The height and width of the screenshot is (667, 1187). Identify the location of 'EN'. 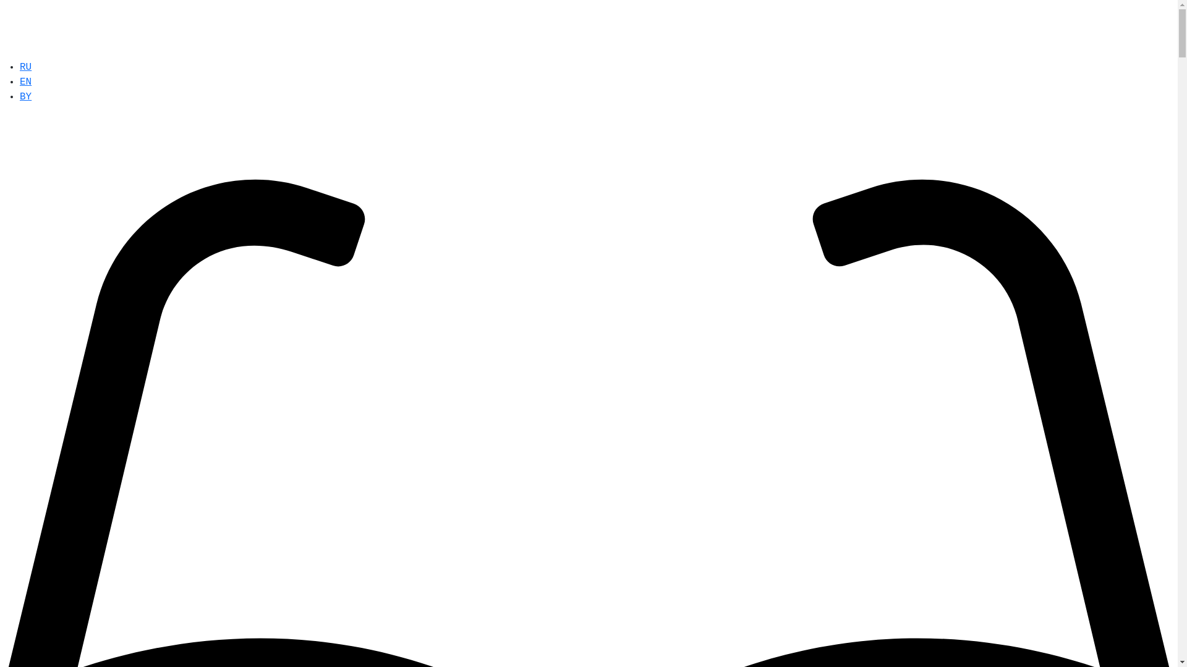
(25, 82).